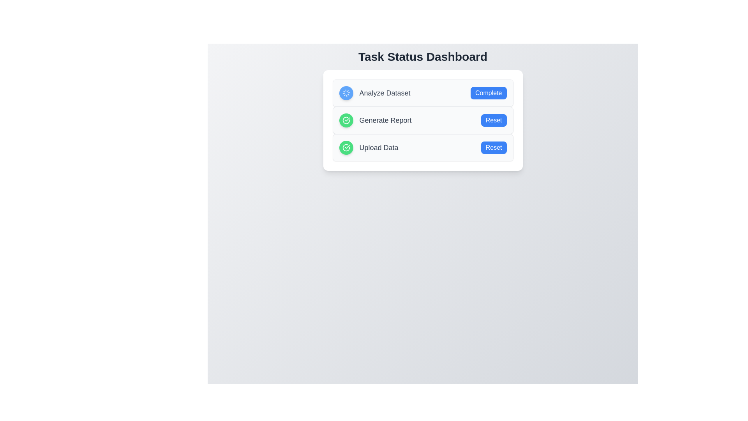 The image size is (748, 421). Describe the element at coordinates (346, 147) in the screenshot. I see `the circular button with a green background and a white checkmark icon, located to the left of the 'Upload Data' text in the task status dashboard` at that location.